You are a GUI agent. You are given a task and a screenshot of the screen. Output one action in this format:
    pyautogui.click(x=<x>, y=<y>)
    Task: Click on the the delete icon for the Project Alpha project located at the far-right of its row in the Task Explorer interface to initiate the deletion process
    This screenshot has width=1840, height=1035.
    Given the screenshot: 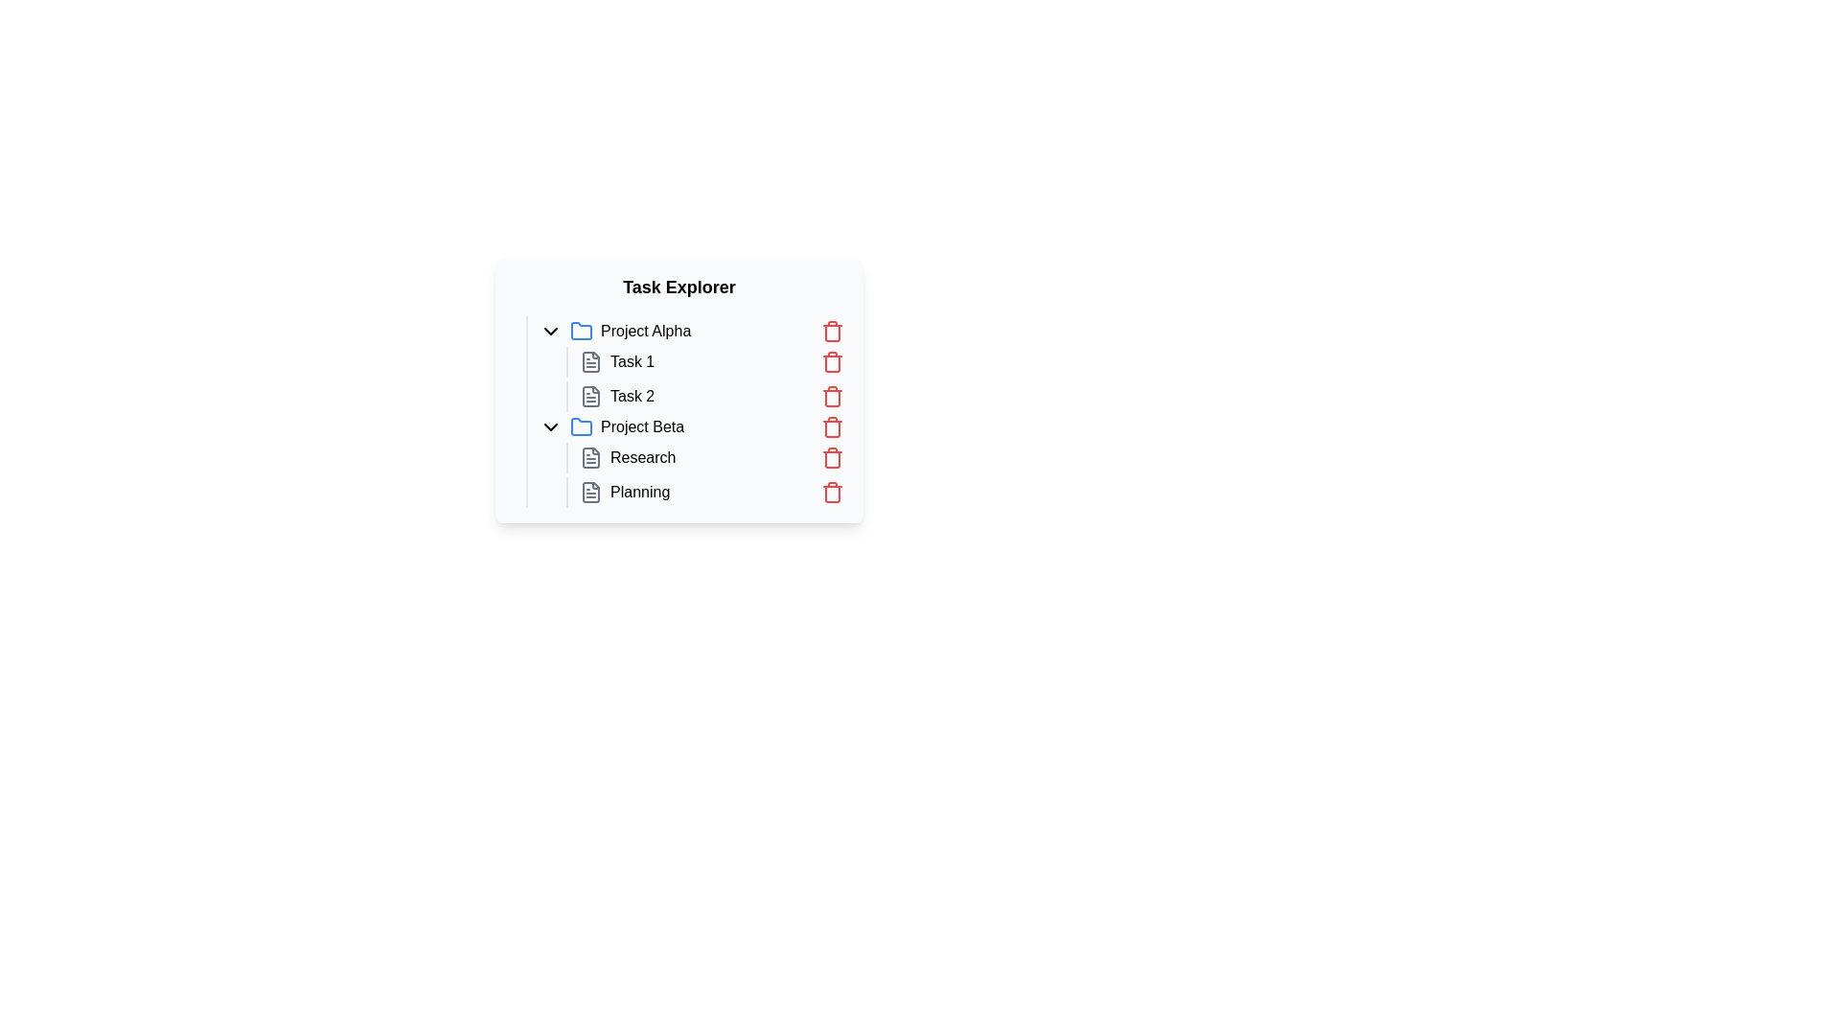 What is the action you would take?
    pyautogui.click(x=832, y=331)
    